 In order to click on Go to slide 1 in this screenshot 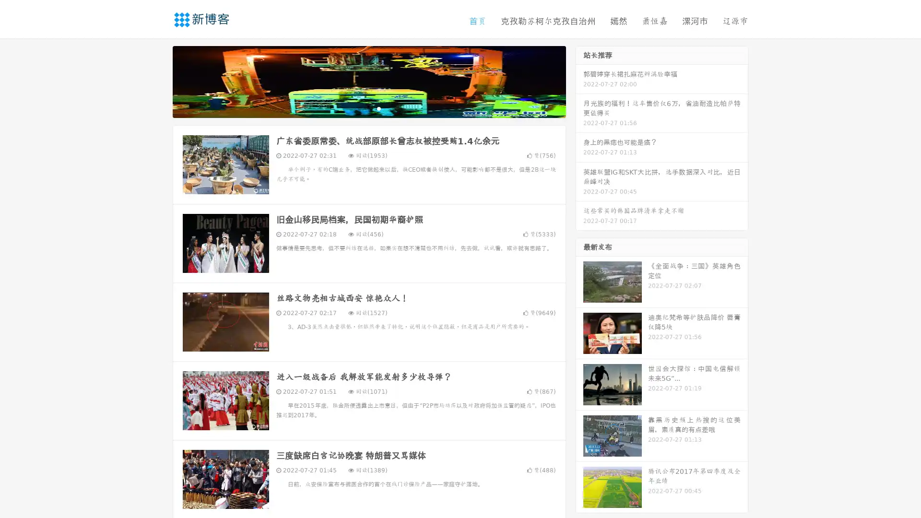, I will do `click(359, 108)`.